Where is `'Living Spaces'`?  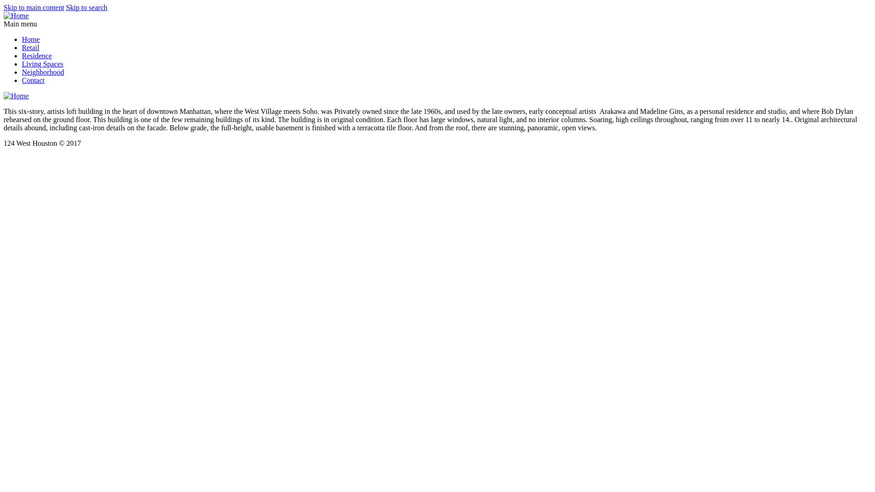 'Living Spaces' is located at coordinates (42, 63).